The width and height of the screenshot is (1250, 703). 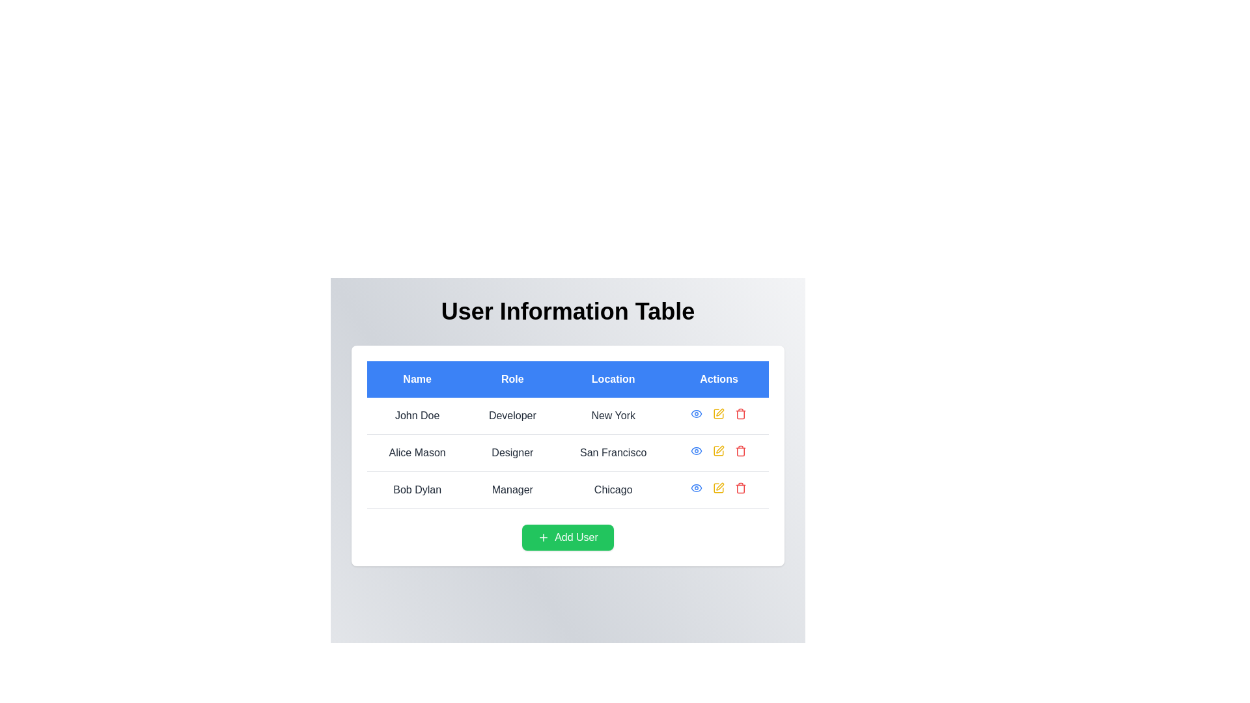 I want to click on the pen icon, styled with a yellow outline, located in the 'Actions' column of the row for 'Alice Mason' to initiate the edit action, so click(x=719, y=448).